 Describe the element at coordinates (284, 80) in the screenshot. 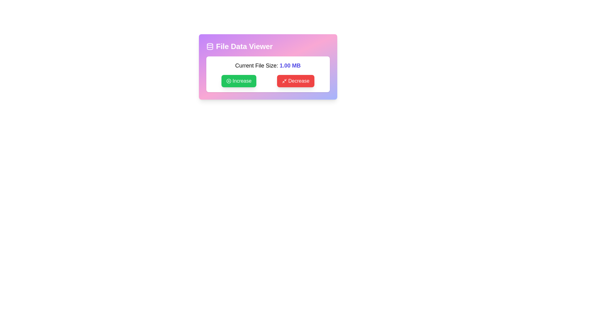

I see `the Decorative Icon located within the 'Decrease' button, positioned to the left of the text 'Decrease'` at that location.